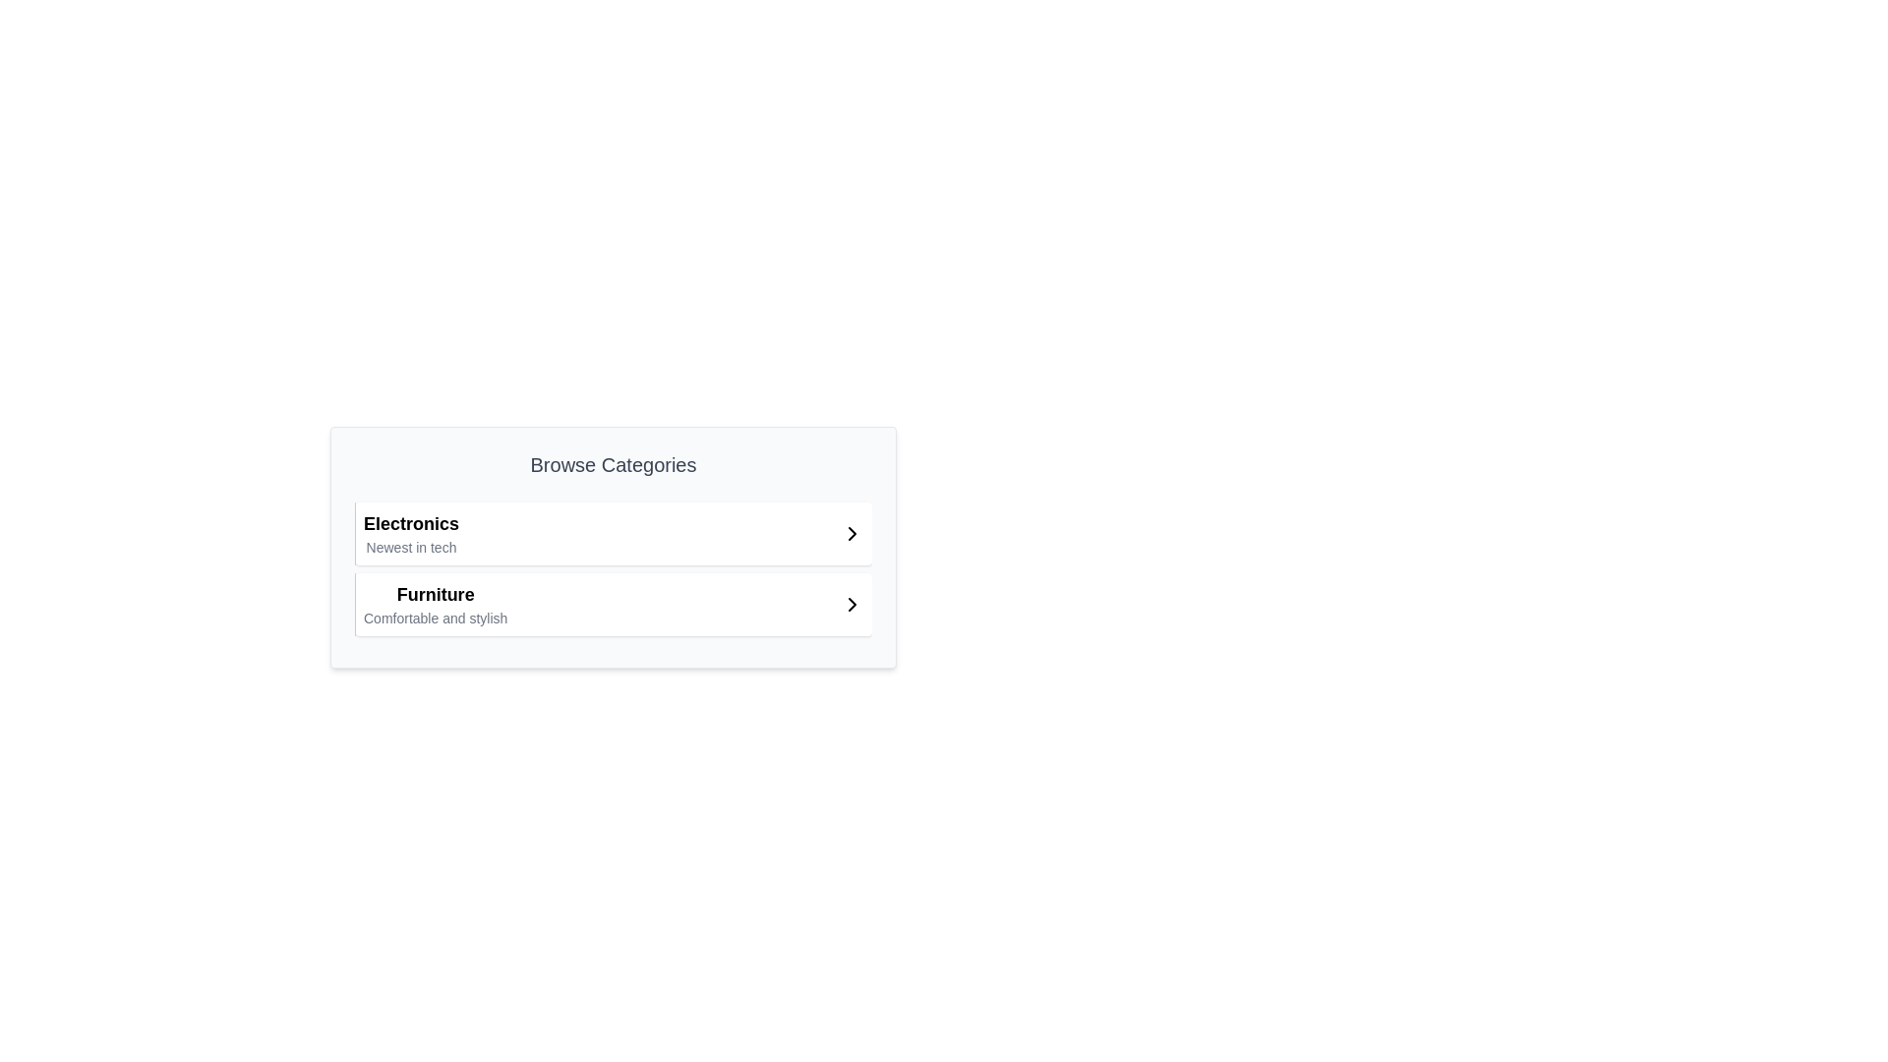 The height and width of the screenshot is (1062, 1888). I want to click on the 'Furniture' button, which is the second item in a vertically stacked list, so click(613, 603).